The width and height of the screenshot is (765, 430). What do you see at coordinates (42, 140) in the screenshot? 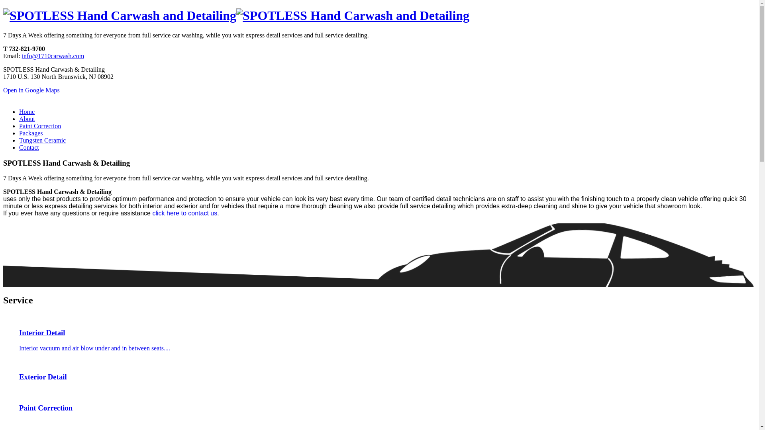
I see `'Tungsten Ceramic'` at bounding box center [42, 140].